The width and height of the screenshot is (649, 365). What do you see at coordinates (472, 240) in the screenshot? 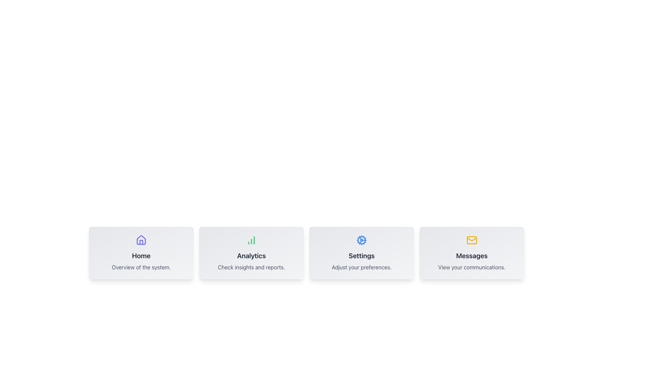
I see `the message icon located centrally within the 'Messages' card, which visually represents communication and is positioned above the text elements 'Messages' and 'View your communications.'` at bounding box center [472, 240].